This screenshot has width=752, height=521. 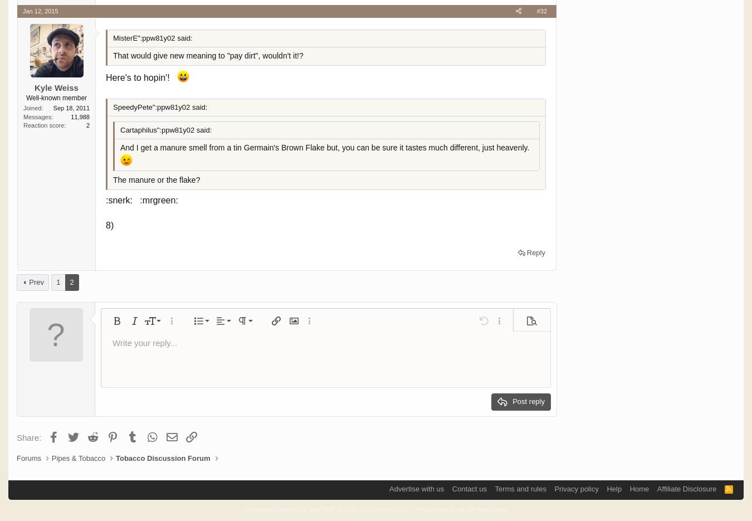 What do you see at coordinates (55, 87) in the screenshot?
I see `'Kyle Weiss'` at bounding box center [55, 87].